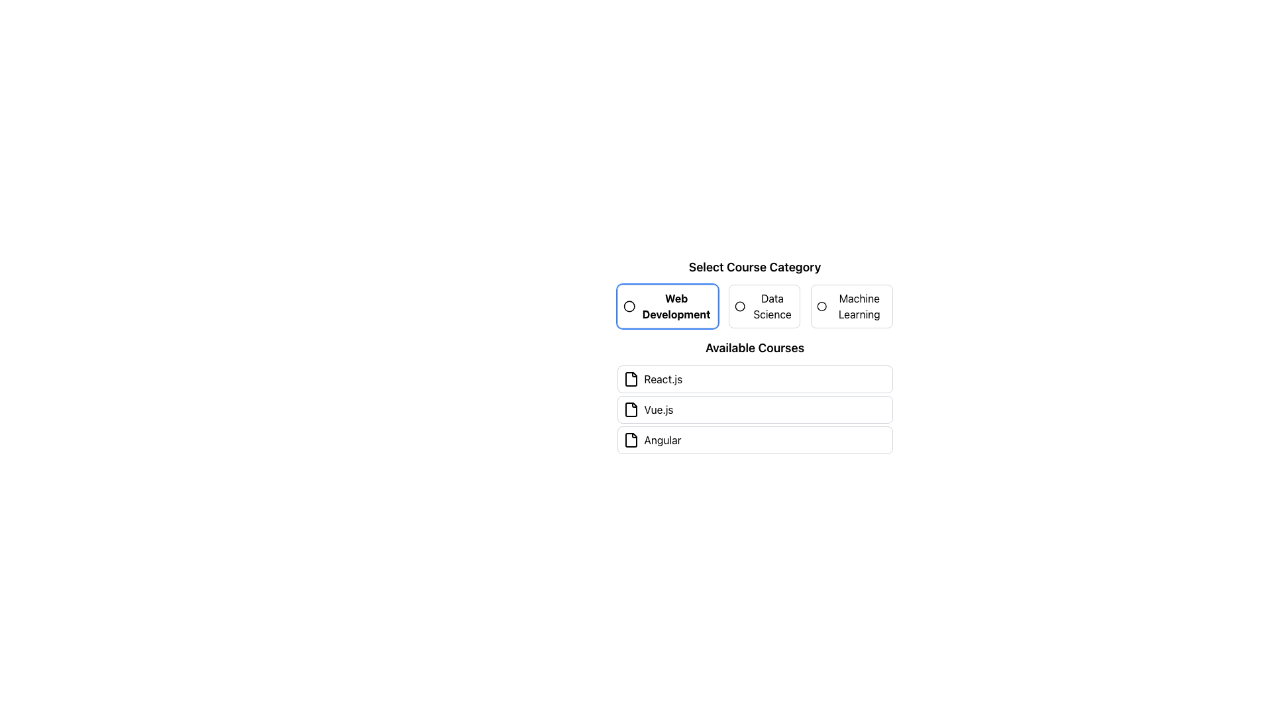  Describe the element at coordinates (739, 306) in the screenshot. I see `the decorative graphic element located to the left of the 'Data Science' label, which serves as a visual marker` at that location.